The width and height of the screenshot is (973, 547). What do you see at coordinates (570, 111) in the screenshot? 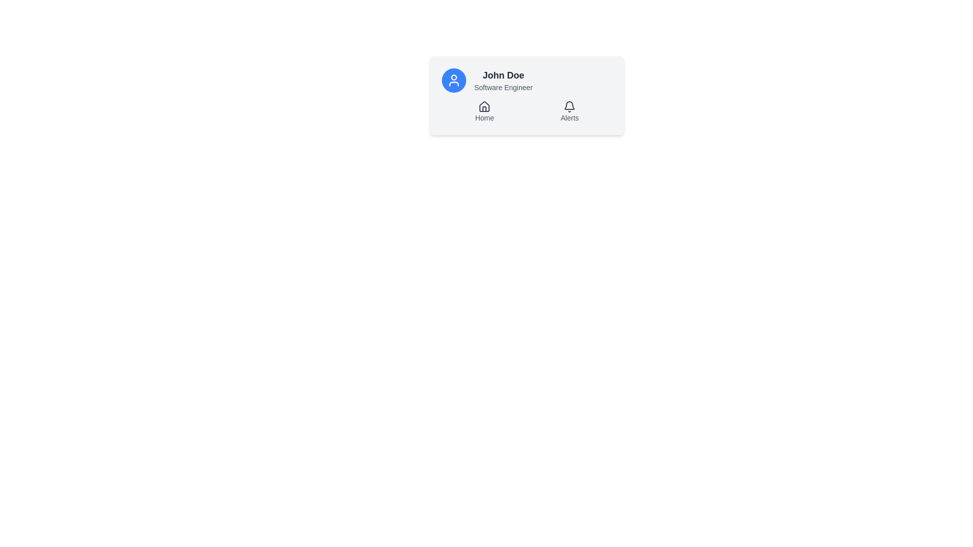
I see `the combined icon-label navigation item for Alerts` at bounding box center [570, 111].